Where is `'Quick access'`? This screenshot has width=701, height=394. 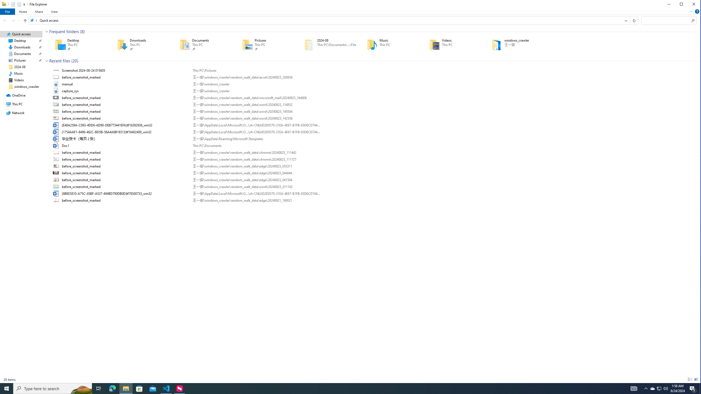 'Quick access' is located at coordinates (49, 20).